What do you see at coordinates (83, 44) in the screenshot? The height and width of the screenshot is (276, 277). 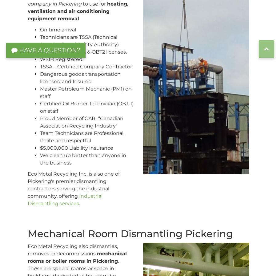 I see `'Technicians are TSSA (Technical Standards and Safety Authority) Certified with PM2 & OBT2 licenses.'` at bounding box center [83, 44].